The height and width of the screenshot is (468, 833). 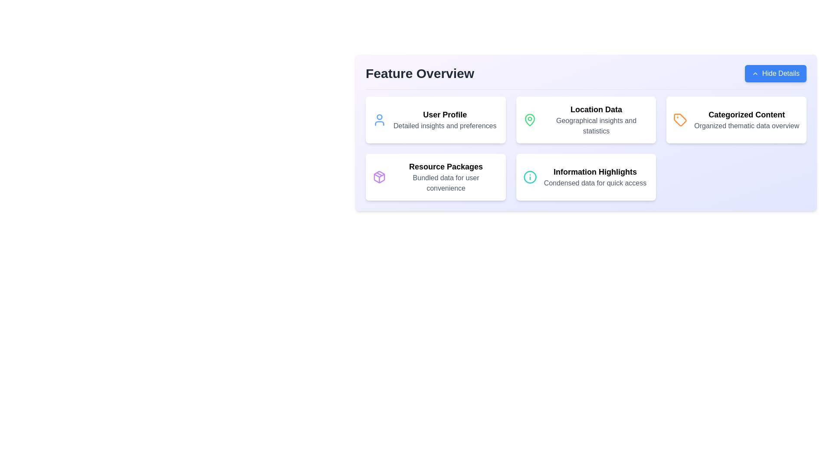 I want to click on information displayed in the 'Location Data' text block, which includes the header 'Location Data' in bold and the subheading 'Geographical insights and statistics' in gray font, located in the Feature Overview section of the UI, so click(x=596, y=120).